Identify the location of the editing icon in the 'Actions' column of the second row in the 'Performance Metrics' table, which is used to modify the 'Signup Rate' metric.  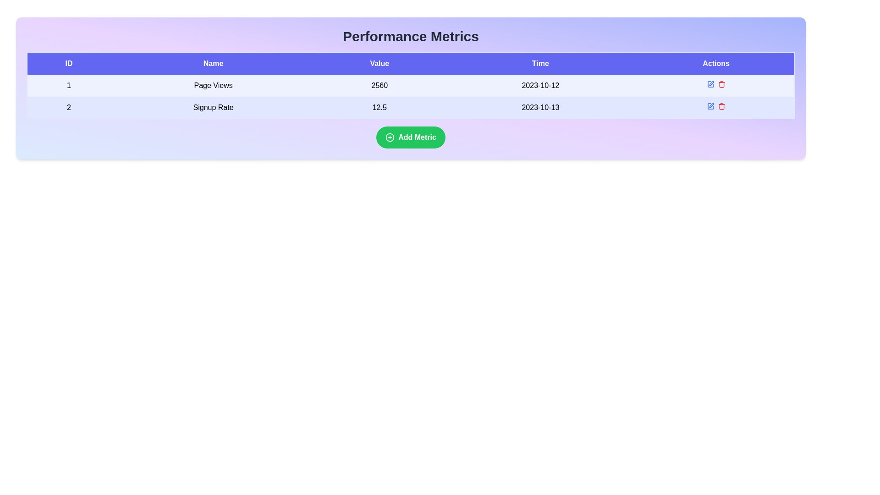
(710, 105).